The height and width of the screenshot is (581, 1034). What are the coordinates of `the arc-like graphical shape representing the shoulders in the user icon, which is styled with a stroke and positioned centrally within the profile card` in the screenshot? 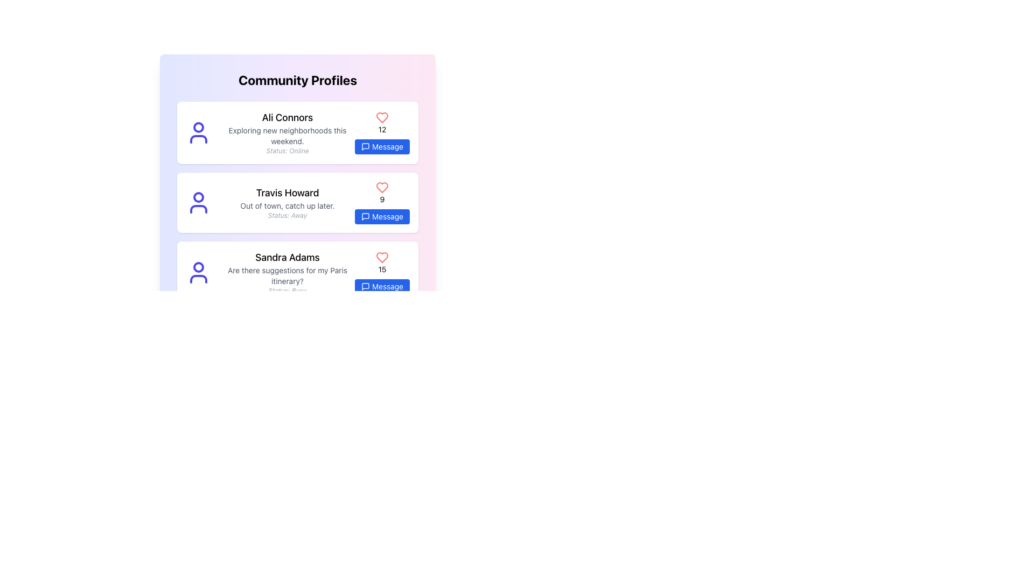 It's located at (199, 138).